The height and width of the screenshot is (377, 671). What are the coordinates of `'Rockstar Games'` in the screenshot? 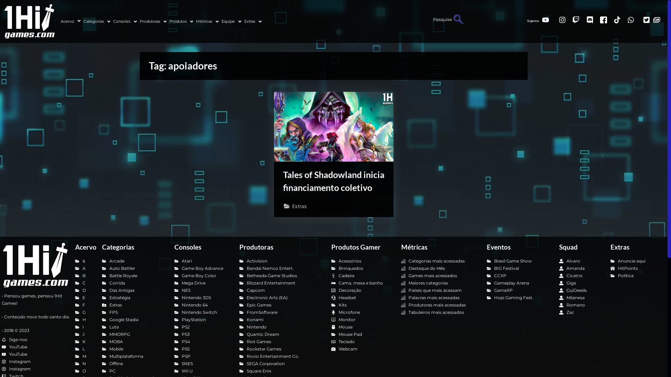 It's located at (282, 349).